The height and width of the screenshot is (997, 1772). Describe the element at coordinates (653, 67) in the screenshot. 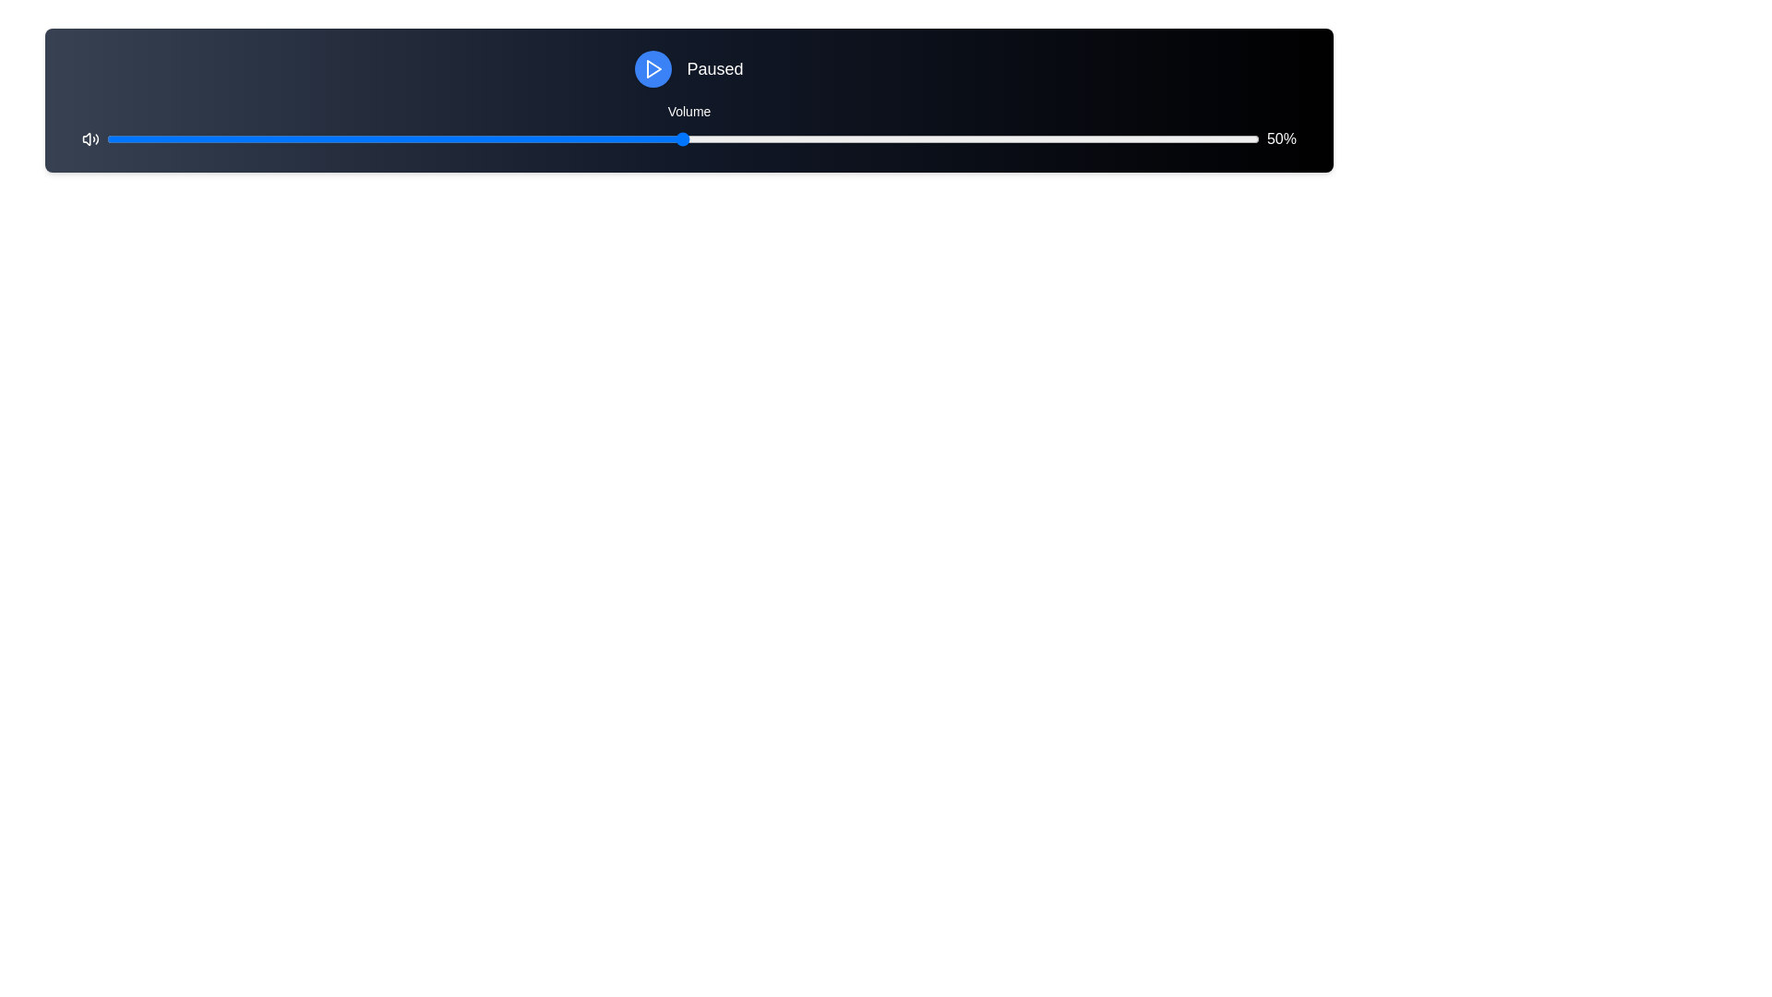

I see `the circular blue button with a white triangular play icon` at that location.